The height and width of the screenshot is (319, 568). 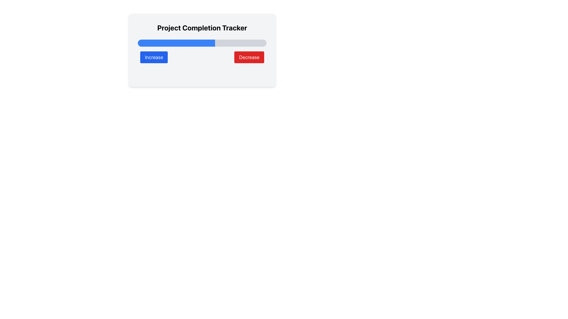 What do you see at coordinates (202, 57) in the screenshot?
I see `the 'Decrease' button within the Button Group, which is a red button that decrements the value` at bounding box center [202, 57].